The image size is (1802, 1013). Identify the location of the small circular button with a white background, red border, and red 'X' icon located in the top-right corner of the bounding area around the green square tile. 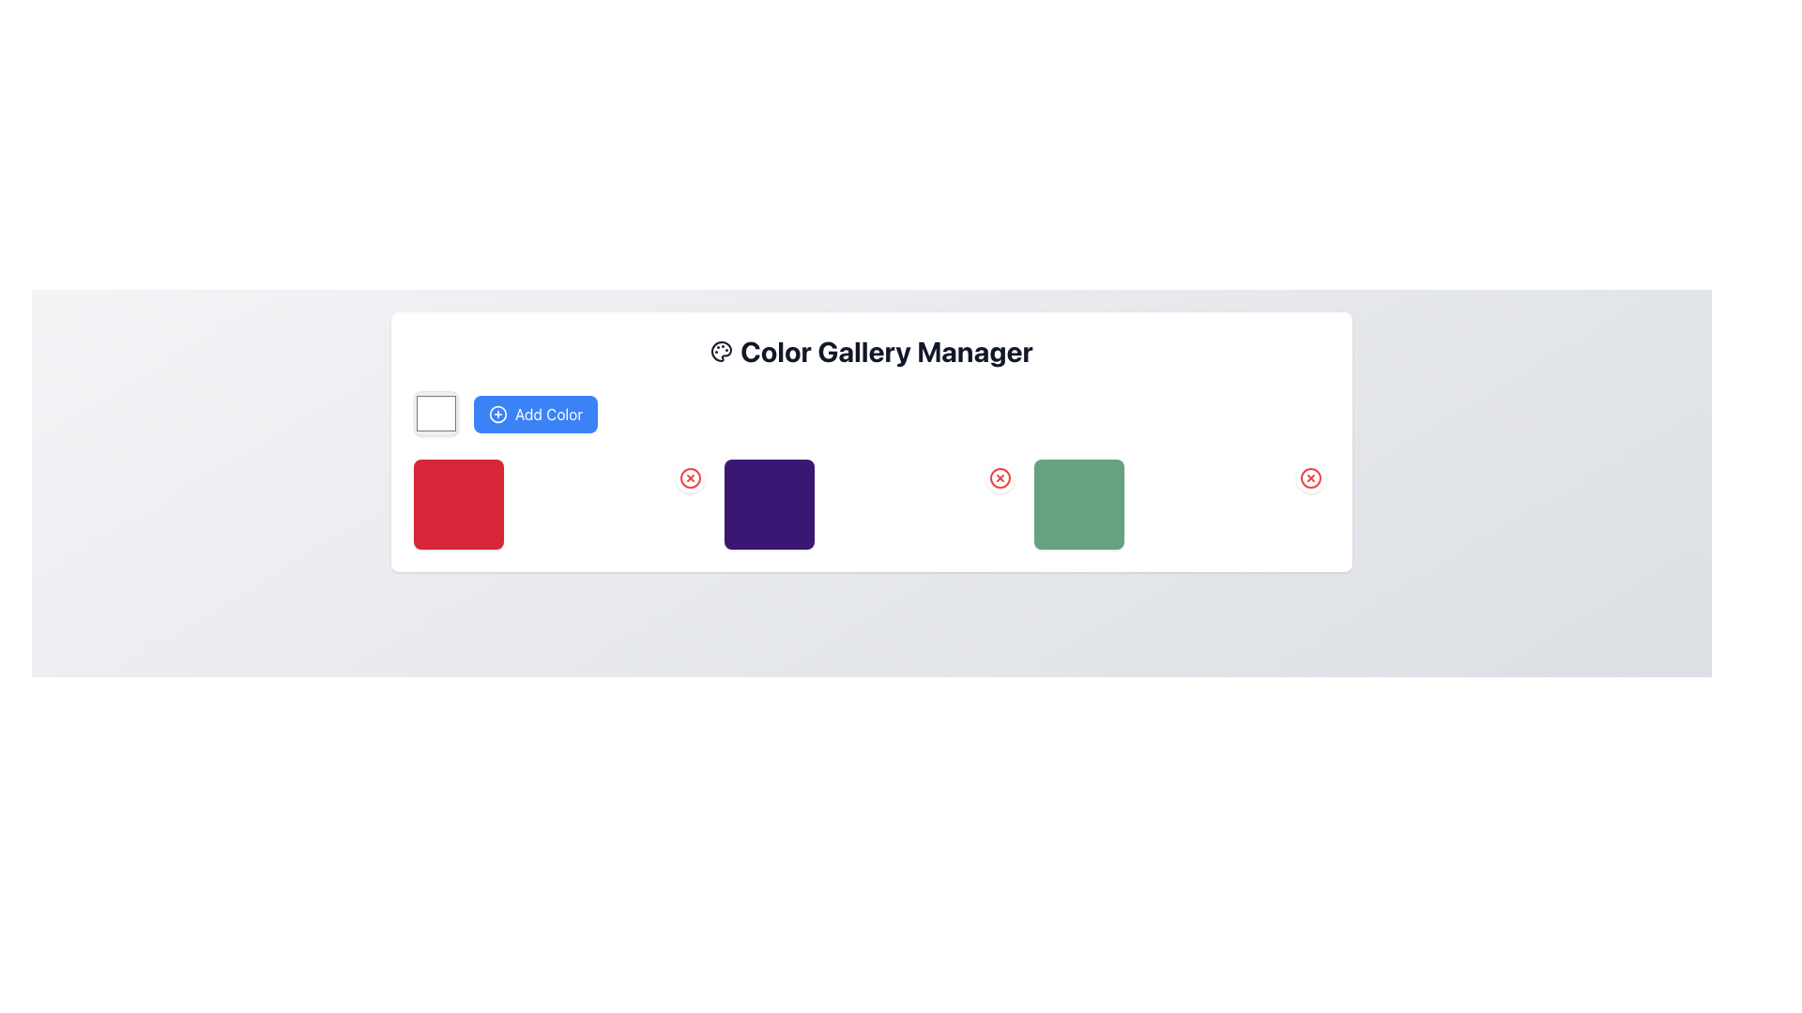
(1000, 476).